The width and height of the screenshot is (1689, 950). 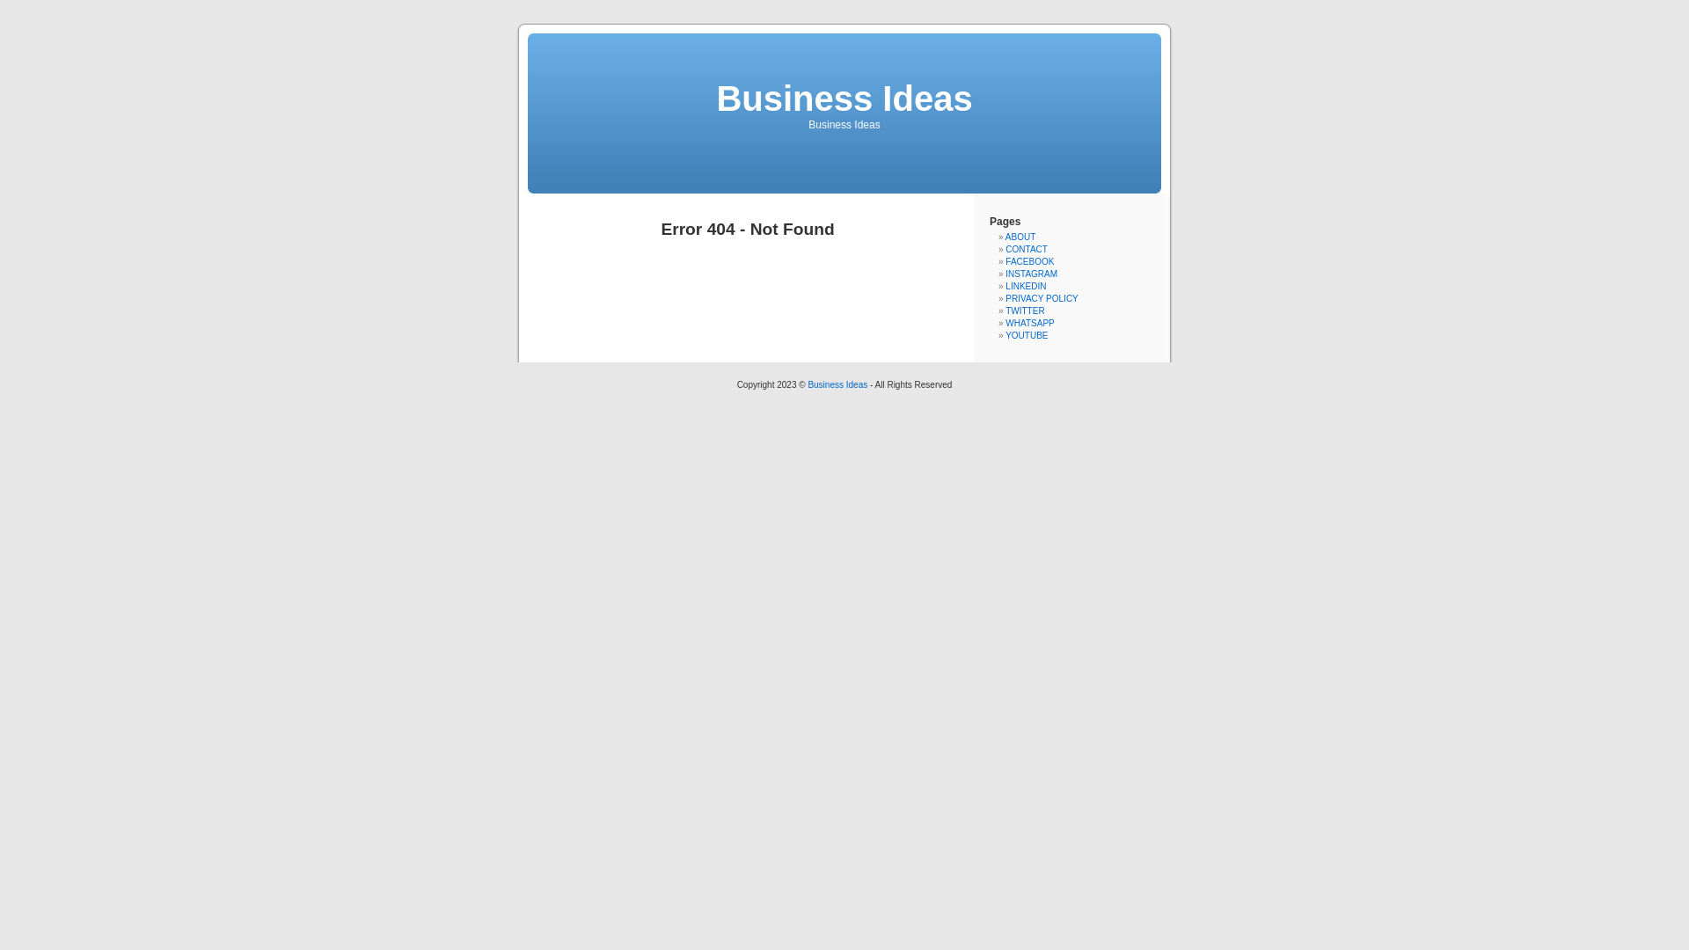 I want to click on 'Business Ideas', so click(x=806, y=384).